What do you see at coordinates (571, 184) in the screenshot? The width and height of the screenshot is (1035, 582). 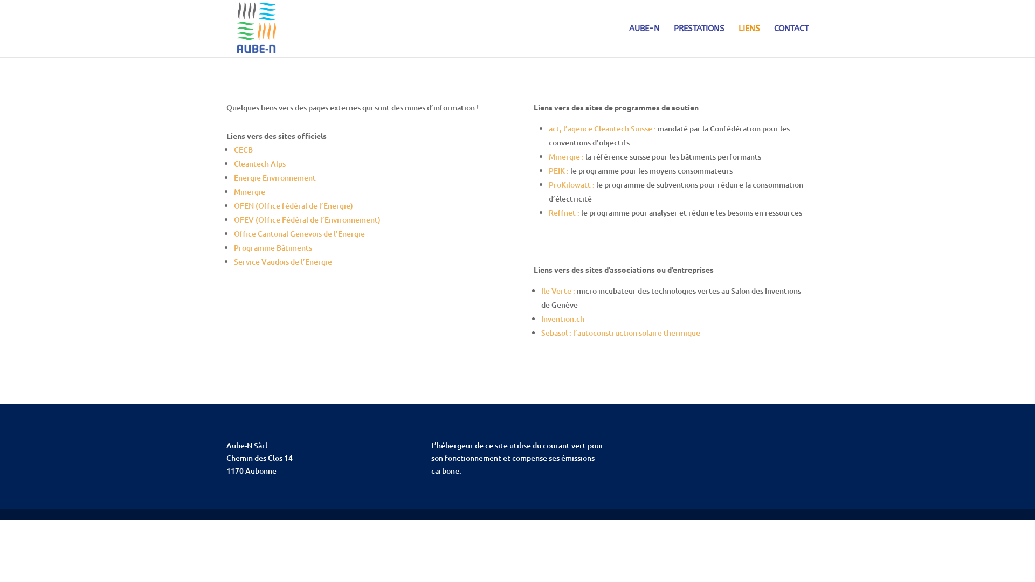 I see `'ProKilowatt :'` at bounding box center [571, 184].